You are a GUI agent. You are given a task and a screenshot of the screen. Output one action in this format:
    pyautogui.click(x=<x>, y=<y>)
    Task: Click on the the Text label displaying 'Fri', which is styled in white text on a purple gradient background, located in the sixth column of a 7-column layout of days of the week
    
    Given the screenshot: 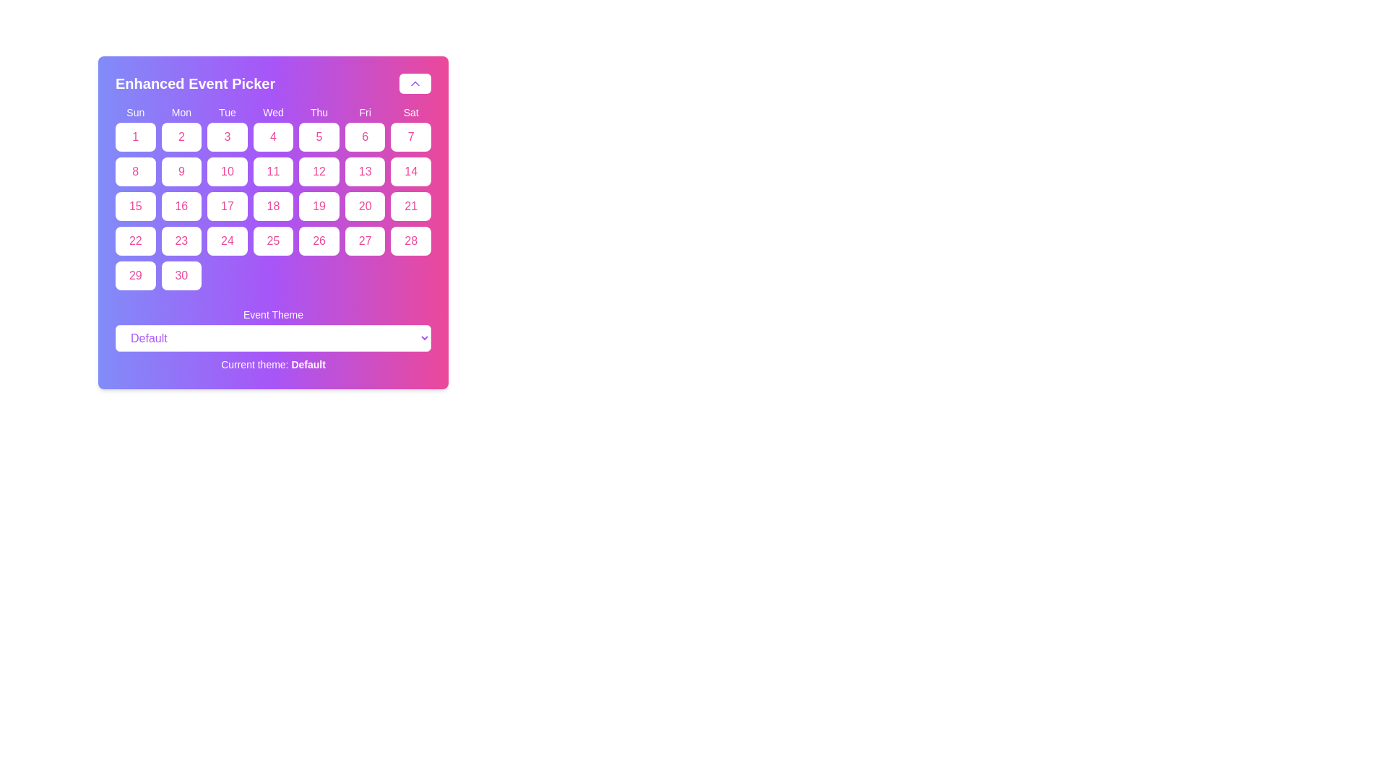 What is the action you would take?
    pyautogui.click(x=365, y=111)
    